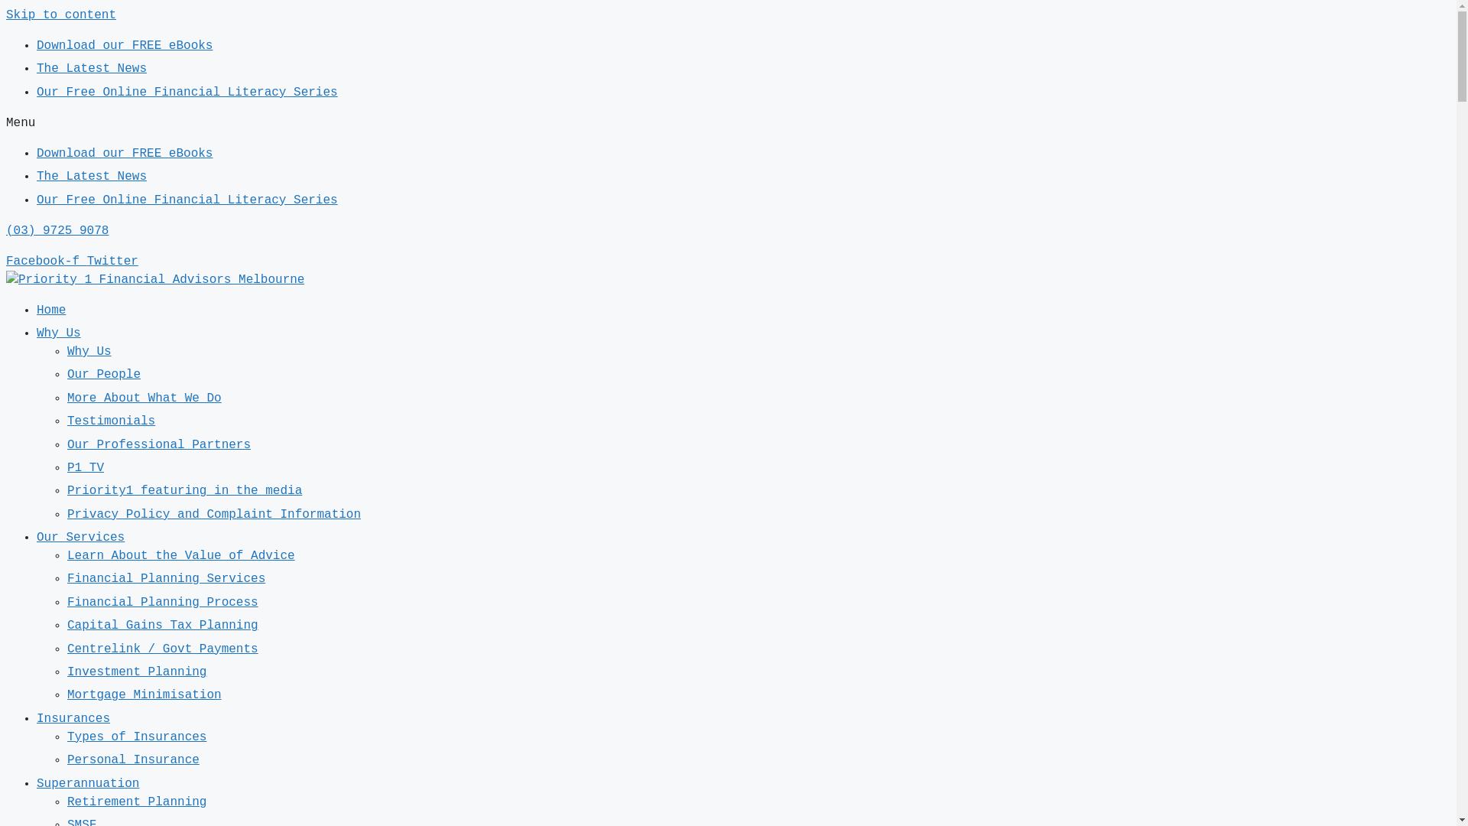 This screenshot has height=826, width=1468. What do you see at coordinates (158, 445) in the screenshot?
I see `'Our Professional Partners'` at bounding box center [158, 445].